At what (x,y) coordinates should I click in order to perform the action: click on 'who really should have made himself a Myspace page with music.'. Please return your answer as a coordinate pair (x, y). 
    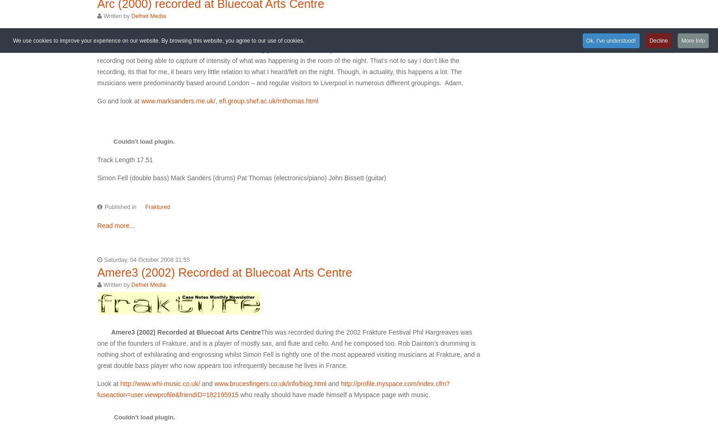
    Looking at the image, I should click on (334, 394).